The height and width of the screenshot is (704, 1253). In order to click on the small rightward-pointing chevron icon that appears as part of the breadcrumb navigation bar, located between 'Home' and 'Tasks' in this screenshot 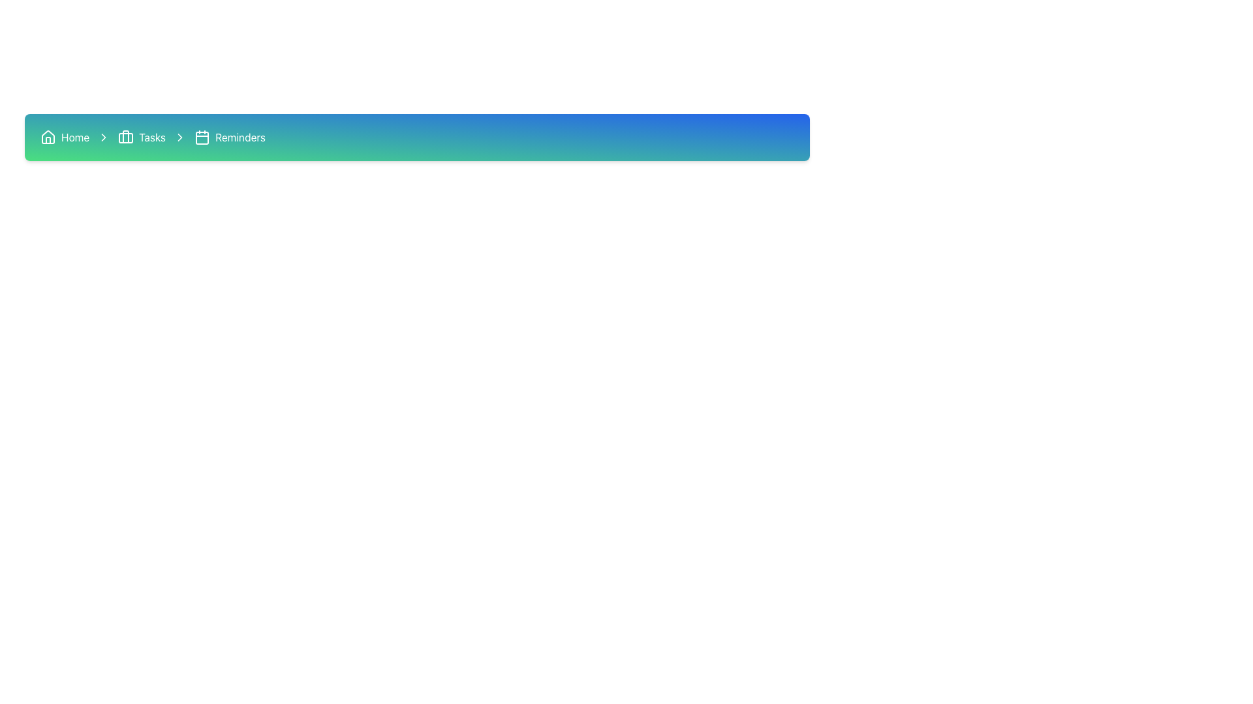, I will do `click(103, 138)`.